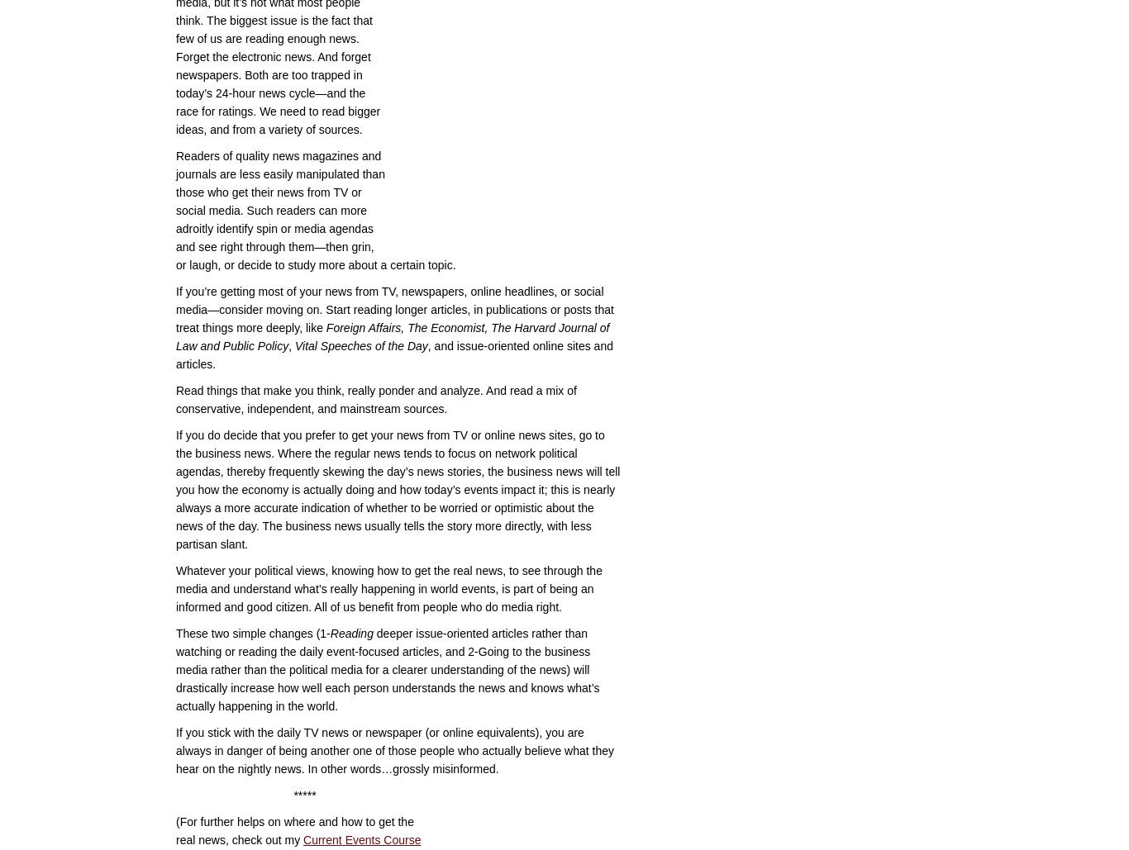  Describe the element at coordinates (293, 345) in the screenshot. I see `'Vital Speeches of the Day'` at that location.